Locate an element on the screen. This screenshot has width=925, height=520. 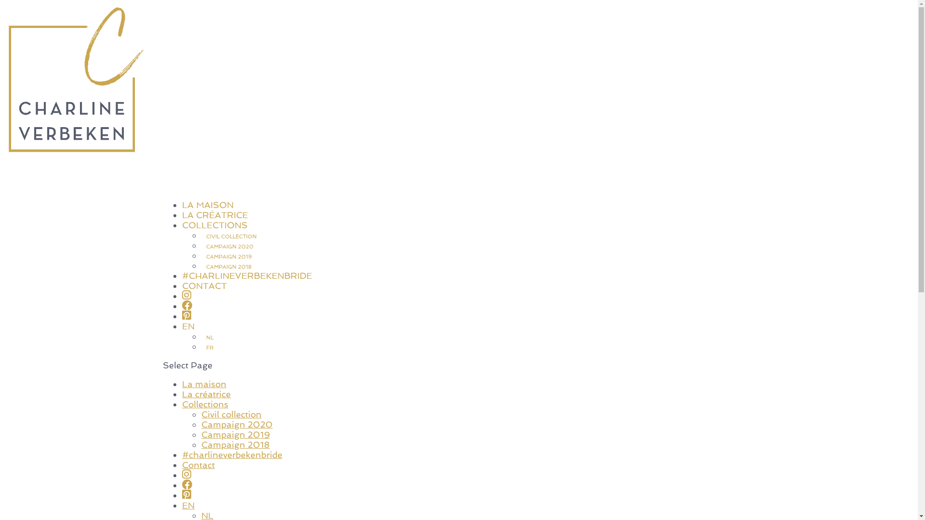
'COLLECTIONS' is located at coordinates (214, 241).